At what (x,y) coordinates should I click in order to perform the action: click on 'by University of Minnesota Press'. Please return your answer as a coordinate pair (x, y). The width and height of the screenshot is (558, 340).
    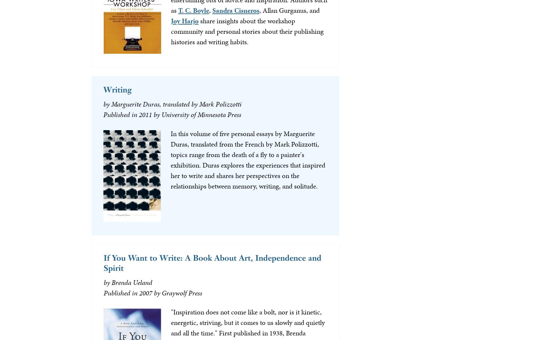
    Looking at the image, I should click on (197, 114).